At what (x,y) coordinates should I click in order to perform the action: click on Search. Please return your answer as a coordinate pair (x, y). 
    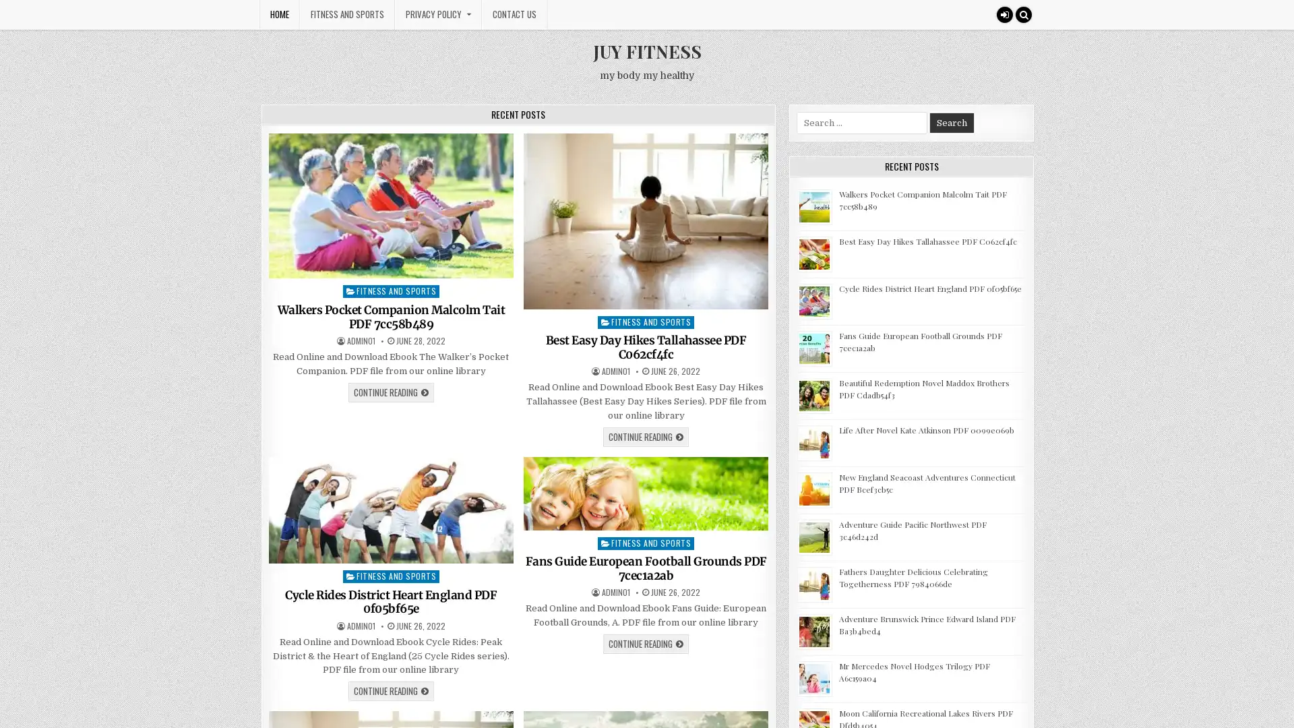
    Looking at the image, I should click on (951, 123).